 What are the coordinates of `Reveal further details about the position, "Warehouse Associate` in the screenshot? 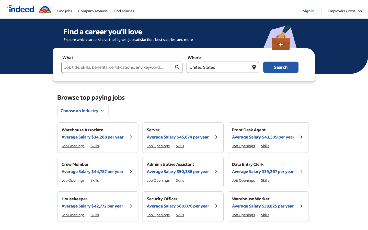 It's located at (131, 137).